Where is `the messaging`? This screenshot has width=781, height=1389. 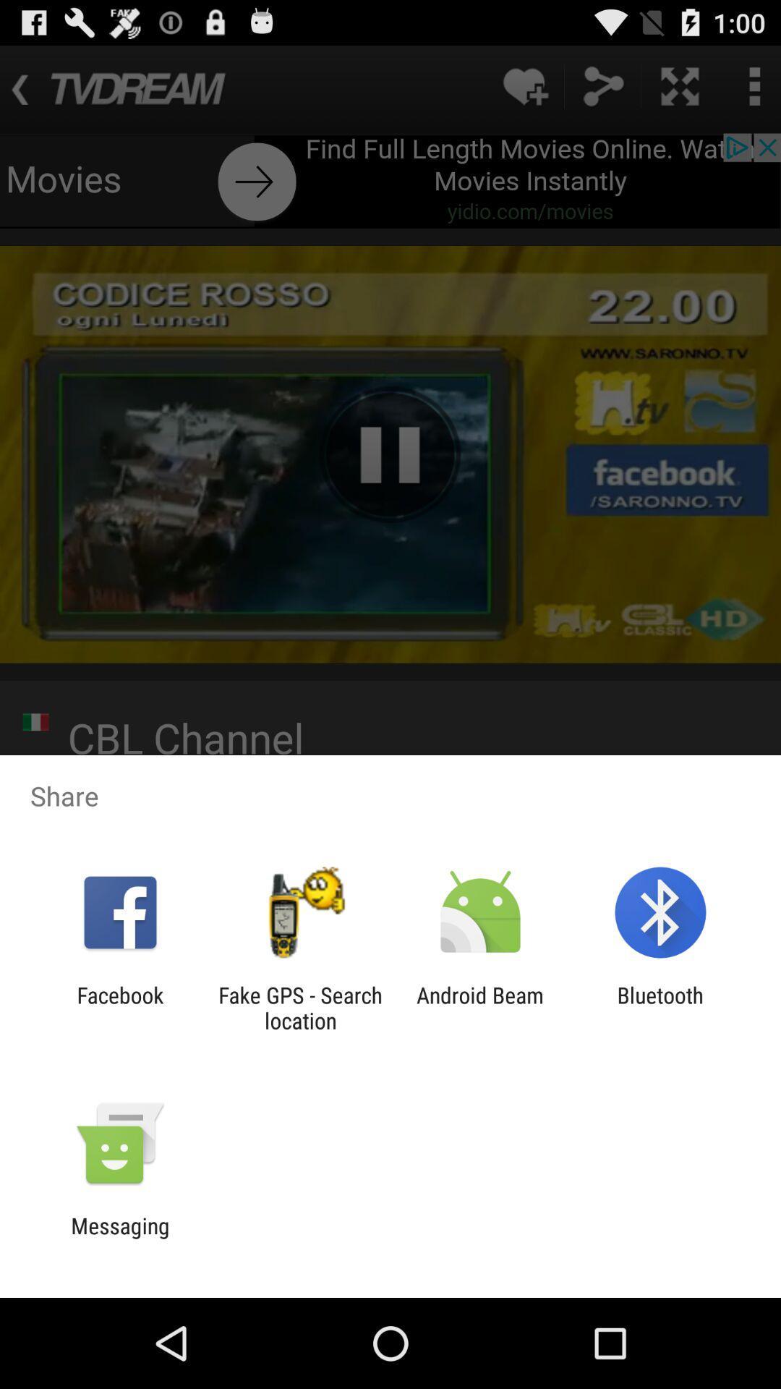 the messaging is located at coordinates (119, 1238).